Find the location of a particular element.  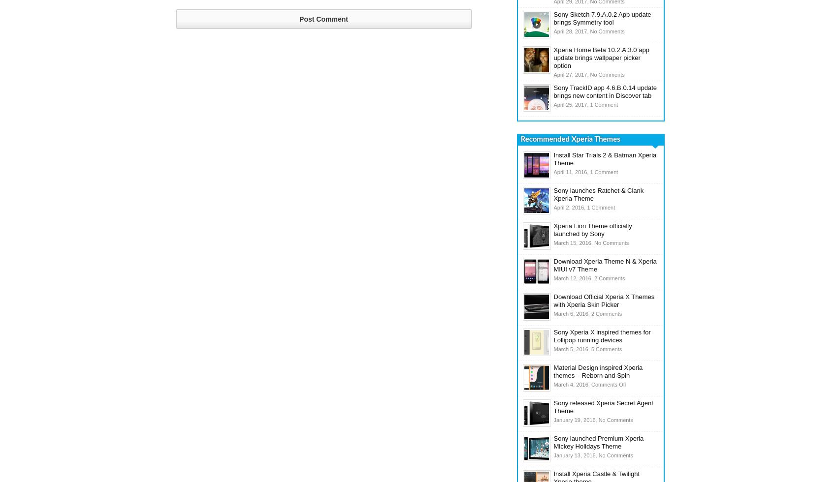

'January 13, 2016,' is located at coordinates (553, 455).